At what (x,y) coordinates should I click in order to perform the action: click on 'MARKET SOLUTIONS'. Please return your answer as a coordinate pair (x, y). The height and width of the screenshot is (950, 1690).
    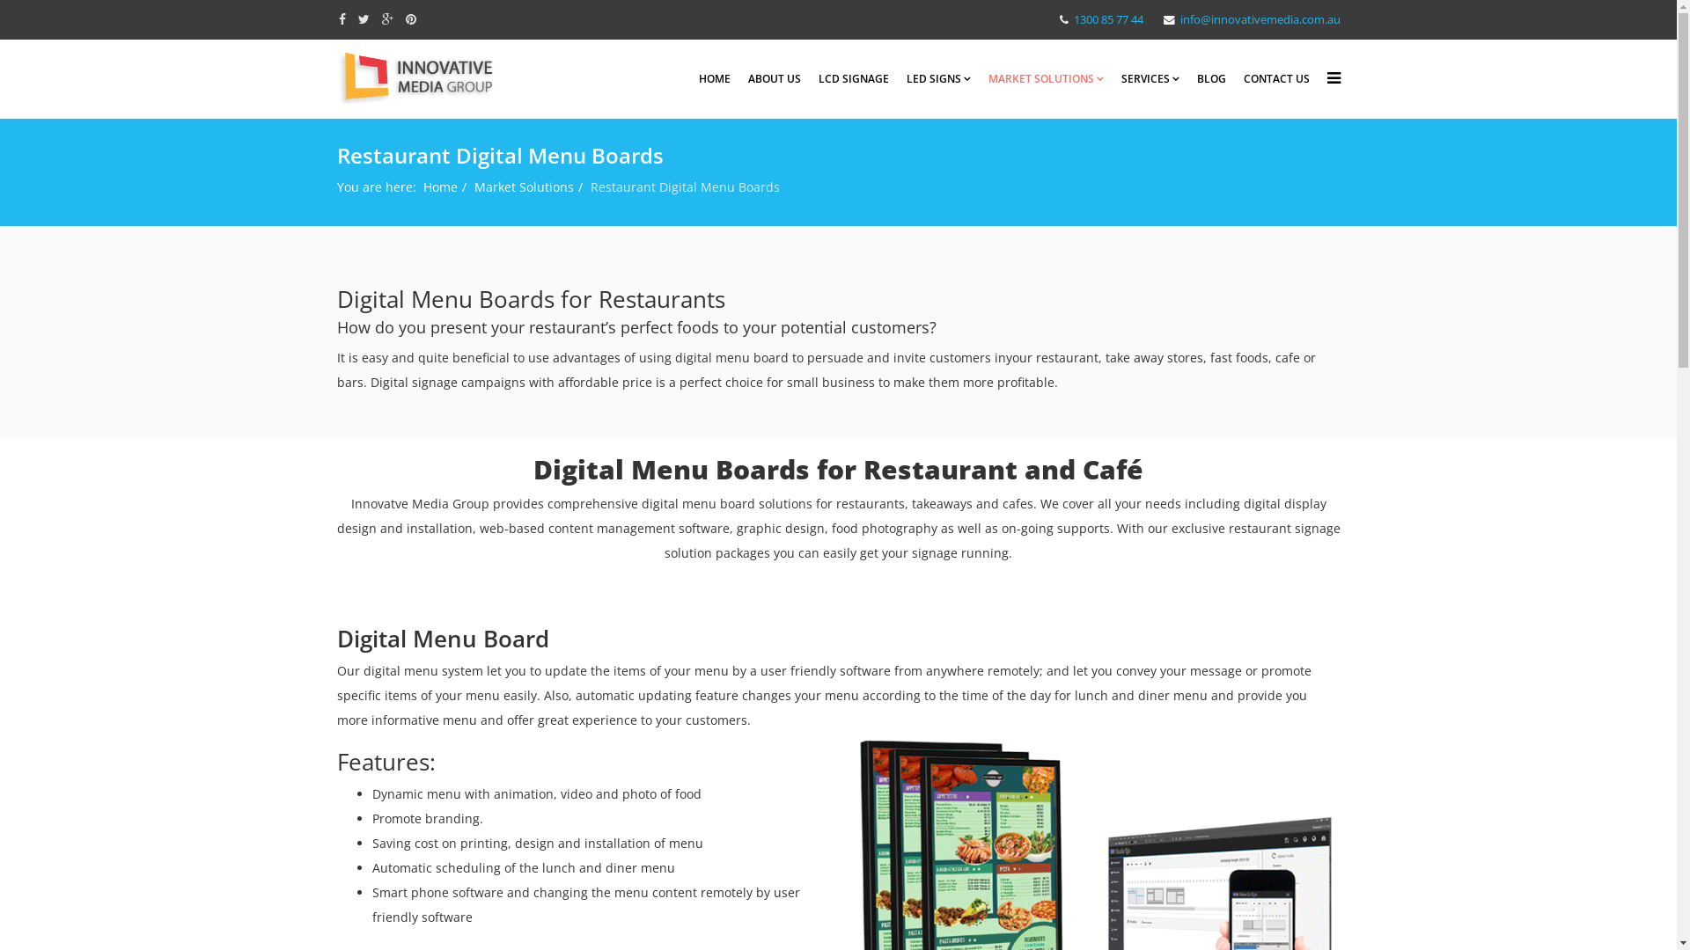
    Looking at the image, I should click on (1045, 77).